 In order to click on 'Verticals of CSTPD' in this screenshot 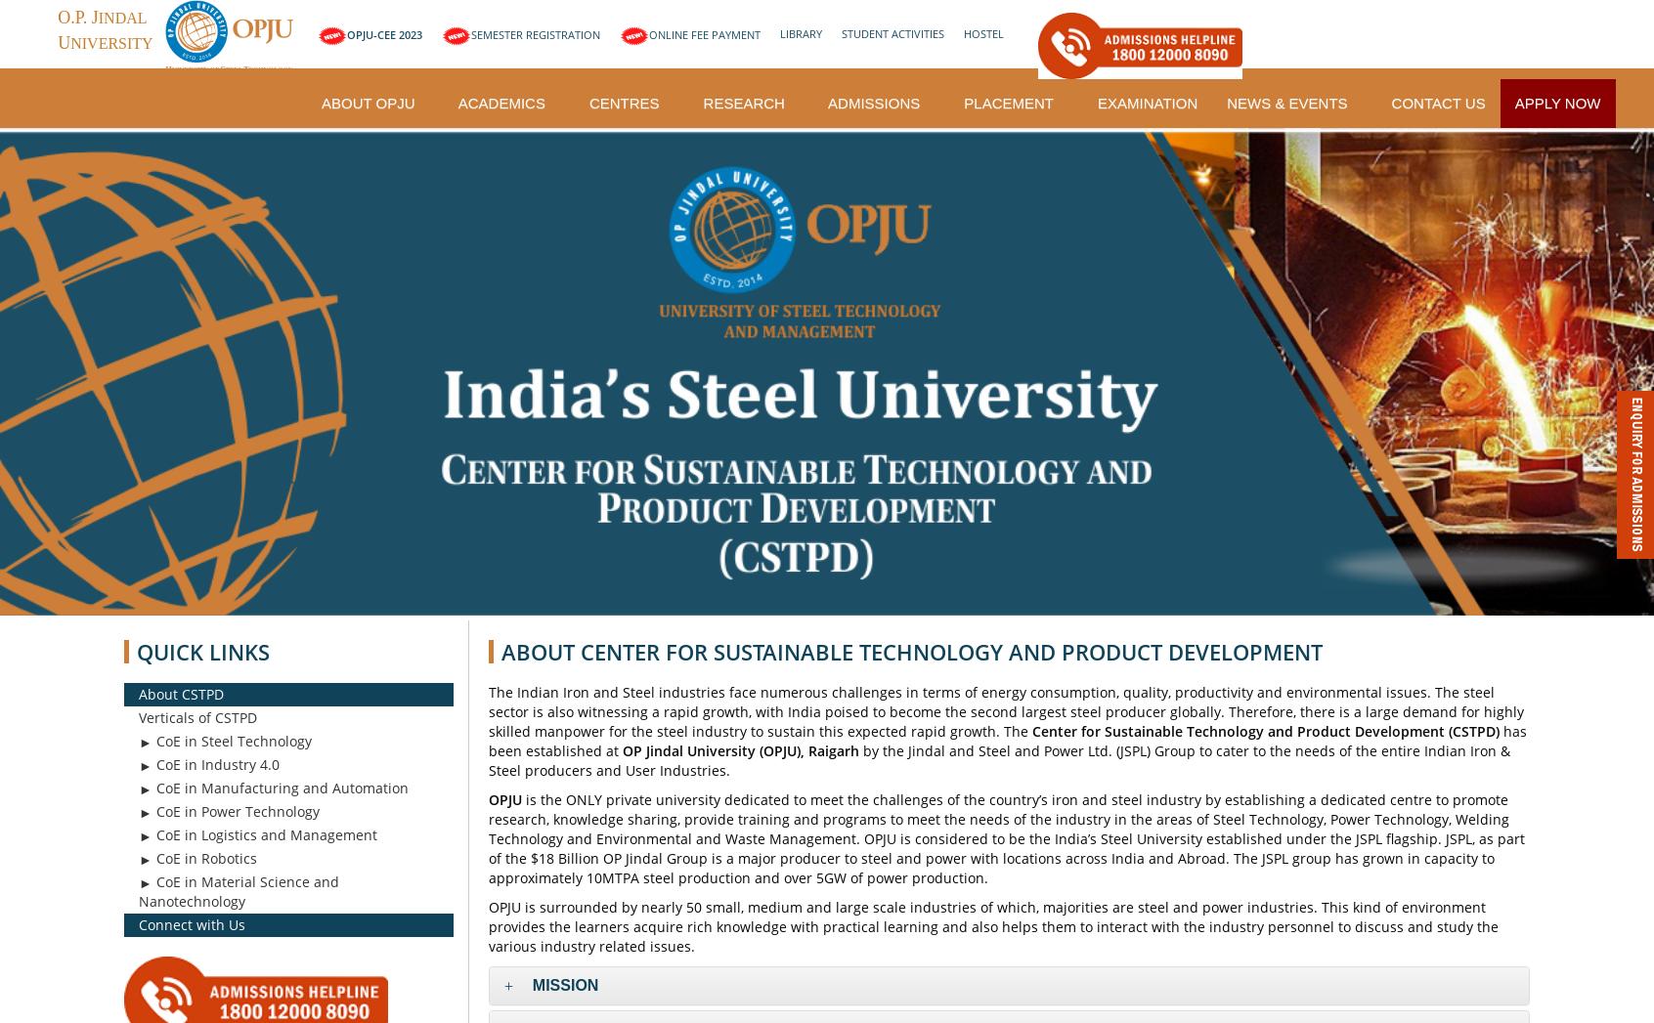, I will do `click(196, 717)`.